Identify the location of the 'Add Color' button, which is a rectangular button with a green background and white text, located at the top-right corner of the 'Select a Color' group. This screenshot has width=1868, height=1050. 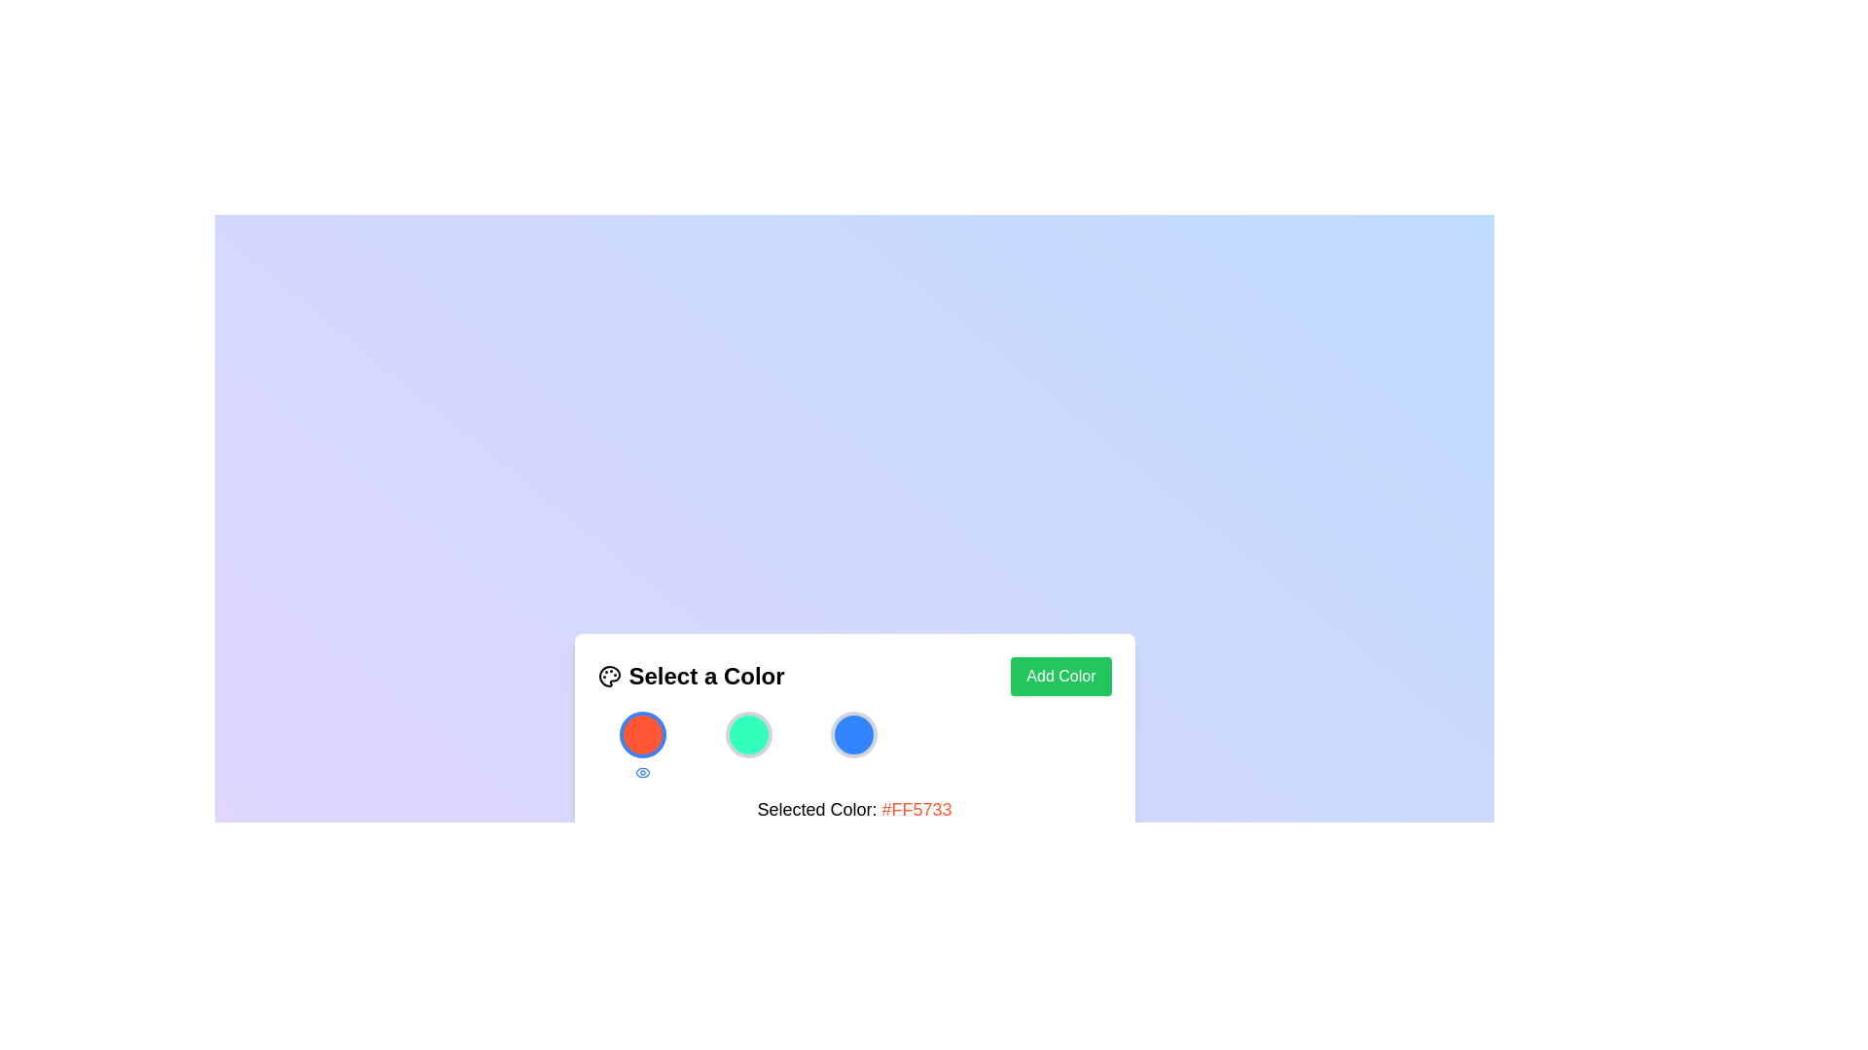
(1060, 675).